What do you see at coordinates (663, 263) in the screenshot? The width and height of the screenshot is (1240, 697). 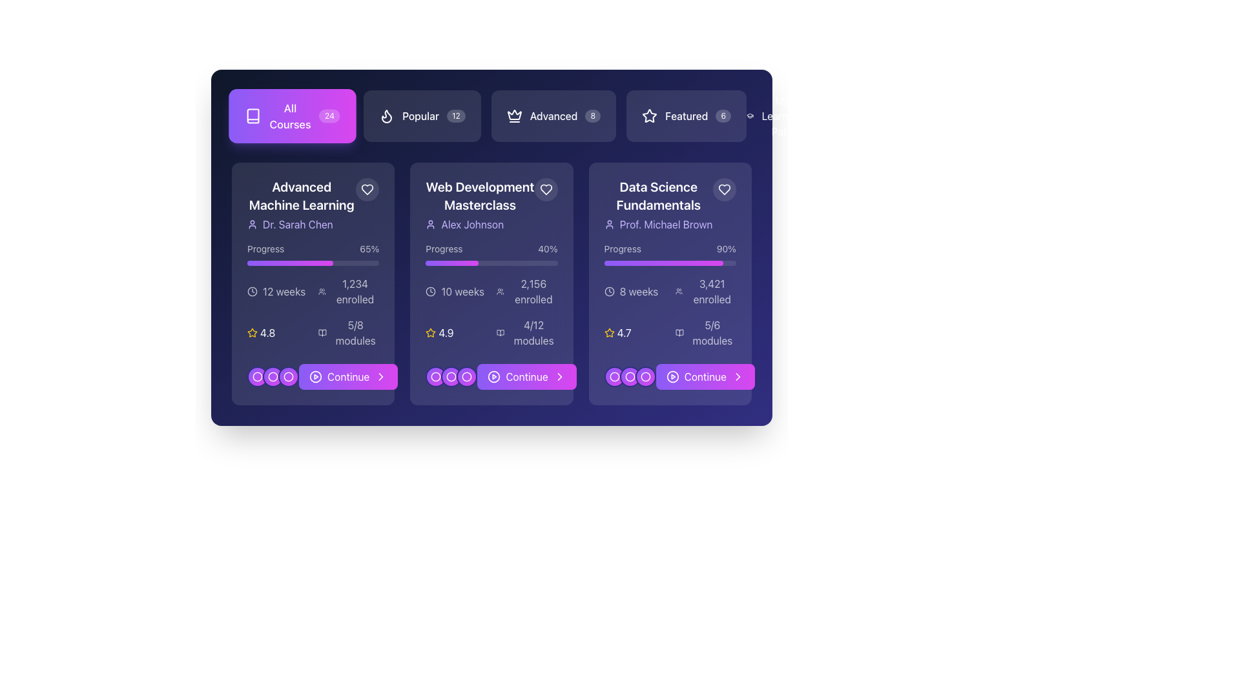 I see `the visual representation of the Progress bar located in the 'Progress' subsection of the 'Data Science Fundamentals' card, which features a vibrant gradient fill transitioning from violet to fuchsia` at bounding box center [663, 263].